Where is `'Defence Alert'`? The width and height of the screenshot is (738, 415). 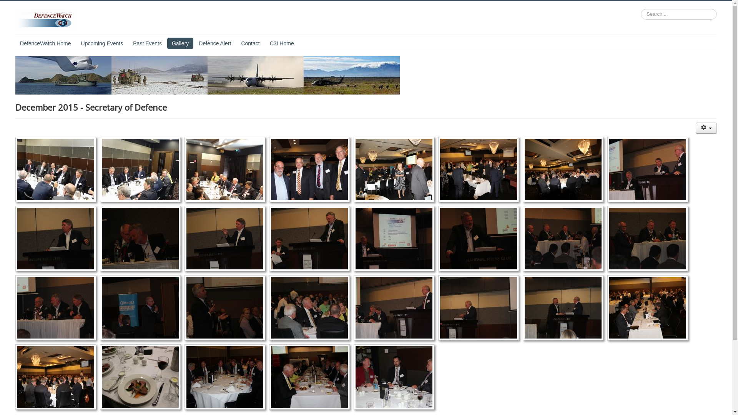 'Defence Alert' is located at coordinates (194, 43).